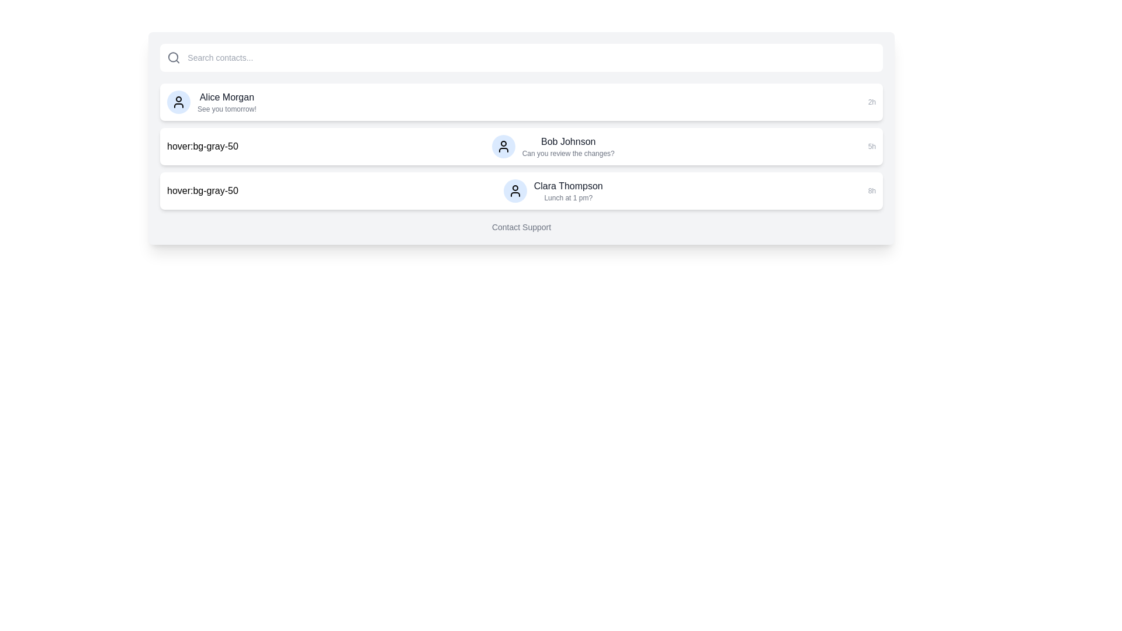 The image size is (1122, 631). I want to click on text label displaying '5h' which indicates the elapsed time information in the second row of the list view aligned with 'Bob Johnson' and 'Can you review the changes?', so click(872, 145).